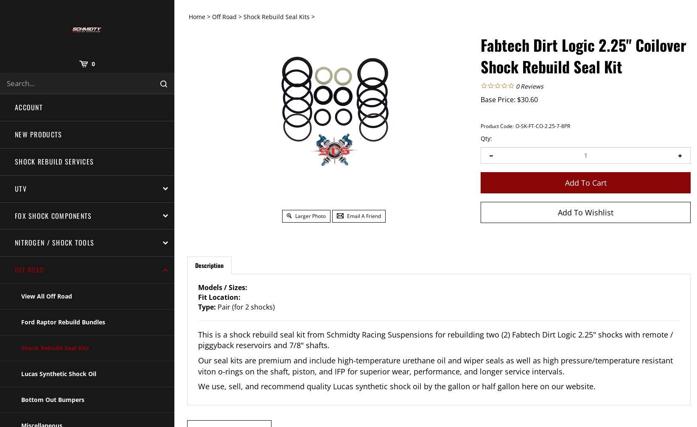  I want to click on 'Product Code:', so click(497, 126).